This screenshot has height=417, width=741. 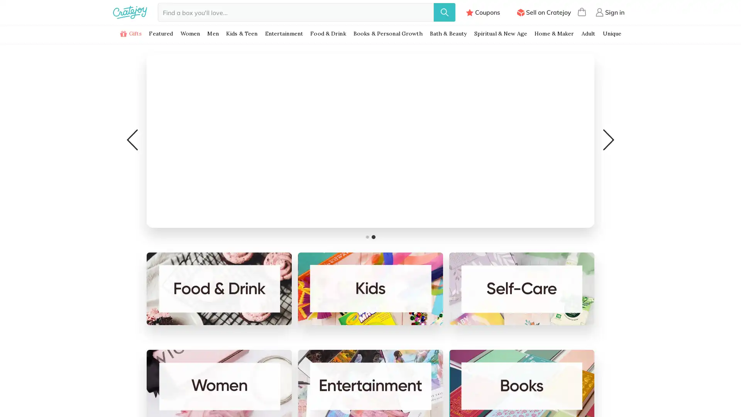 I want to click on Toggle Shopping Cart, so click(x=582, y=12).